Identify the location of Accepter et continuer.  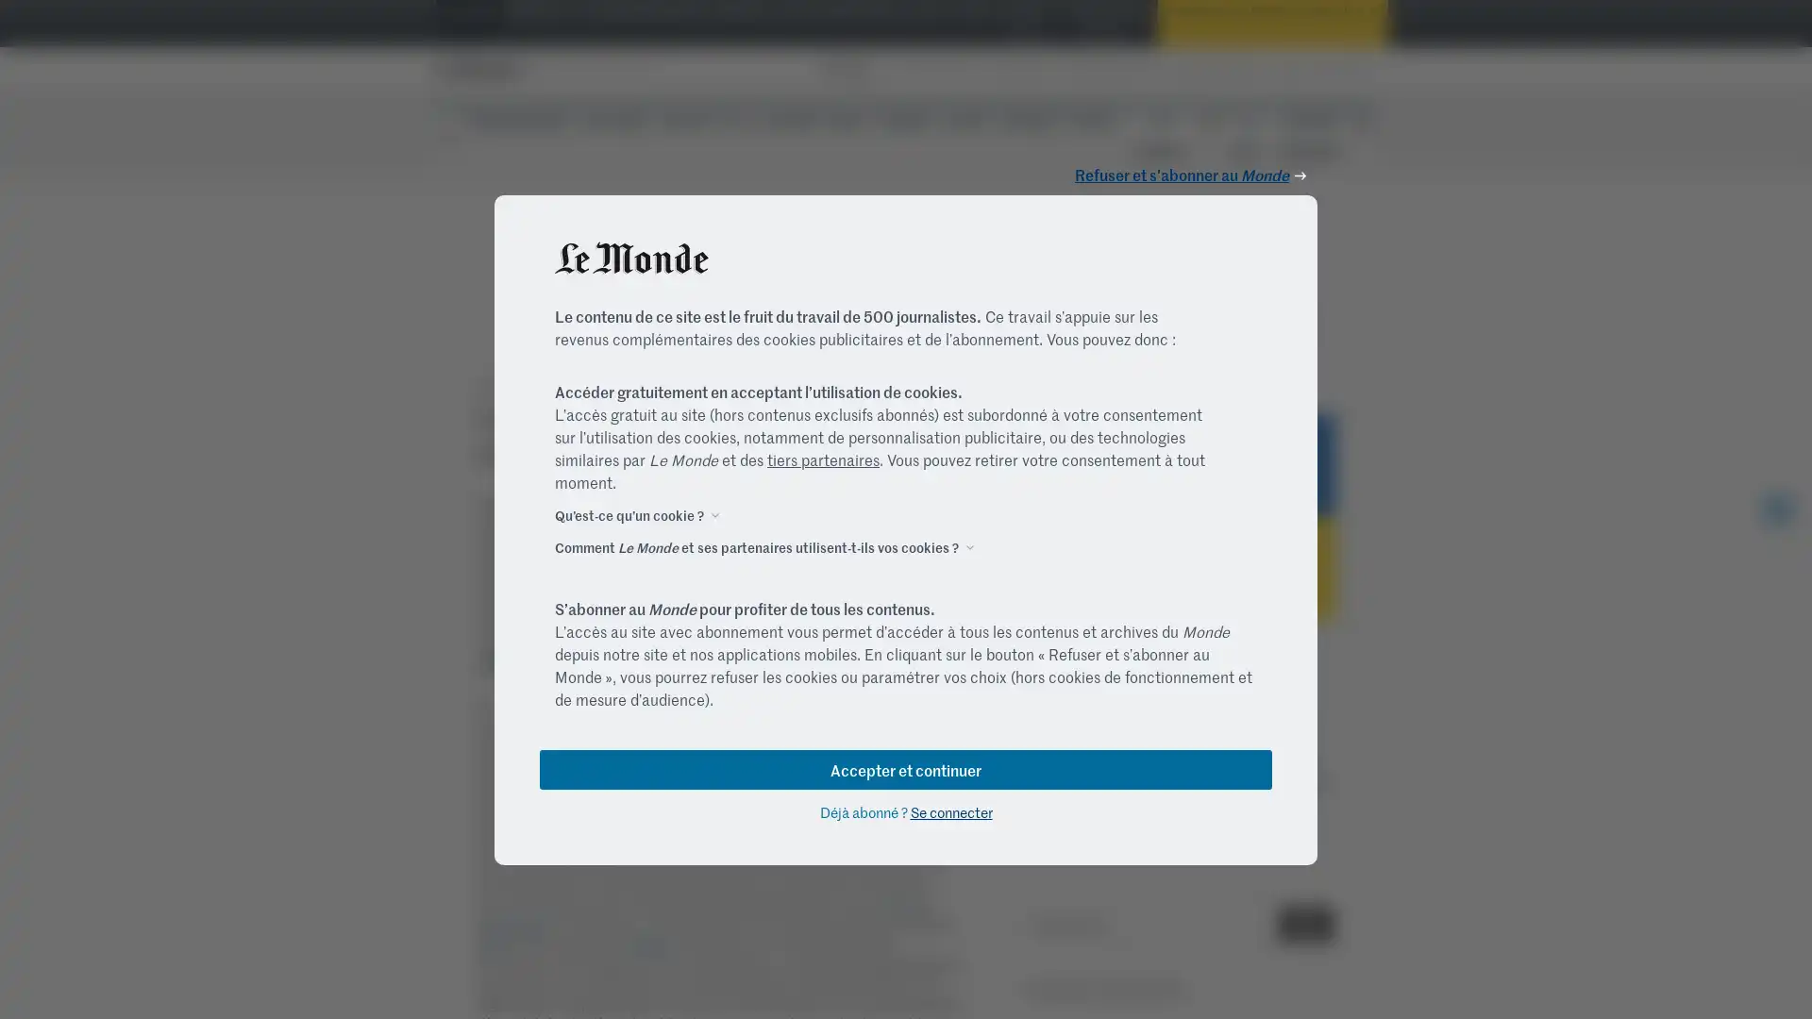
(906, 768).